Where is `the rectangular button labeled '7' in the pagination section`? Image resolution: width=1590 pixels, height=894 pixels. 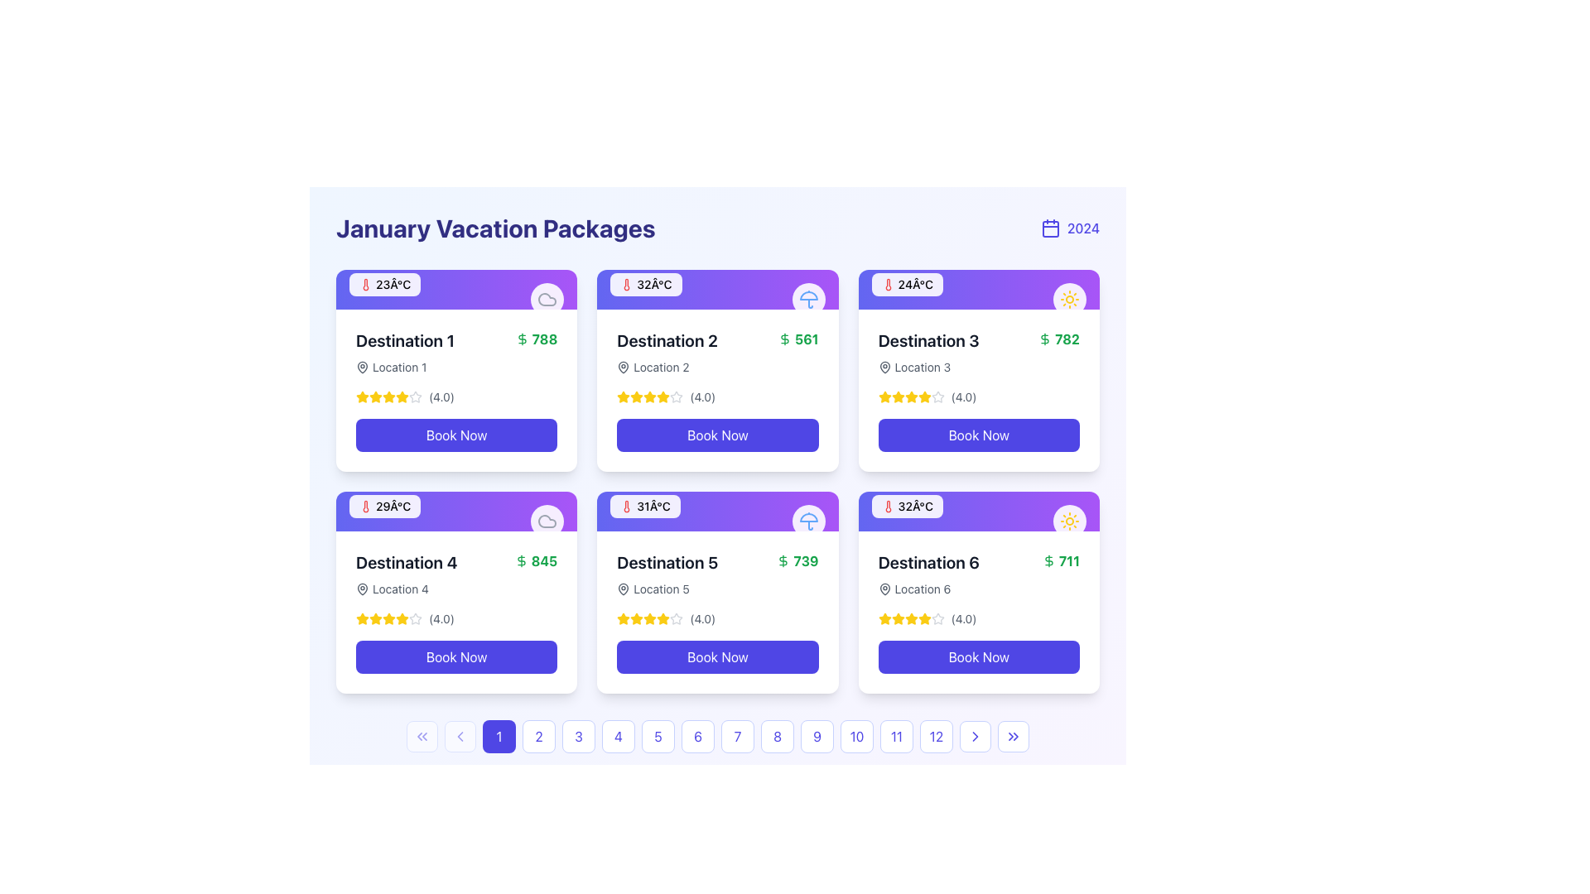 the rectangular button labeled '7' in the pagination section is located at coordinates (718, 736).